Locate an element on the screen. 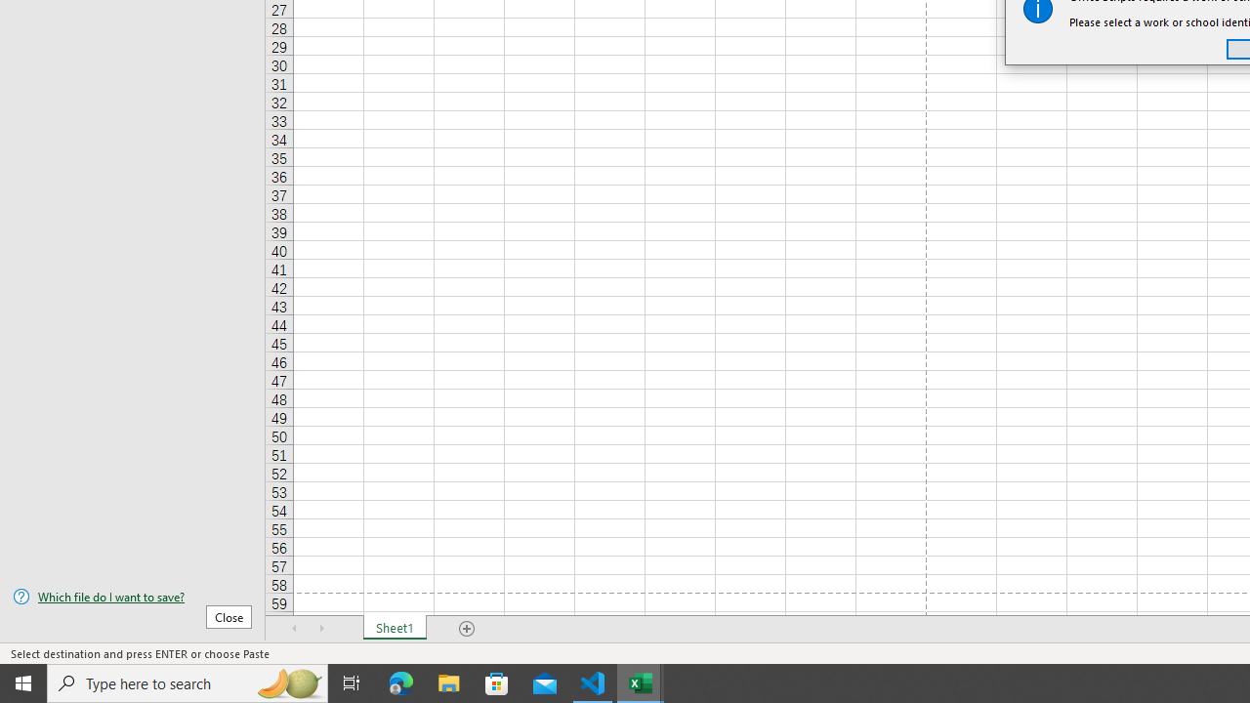 This screenshot has height=703, width=1250. 'Visual Studio Code - 1 running window' is located at coordinates (592, 682).